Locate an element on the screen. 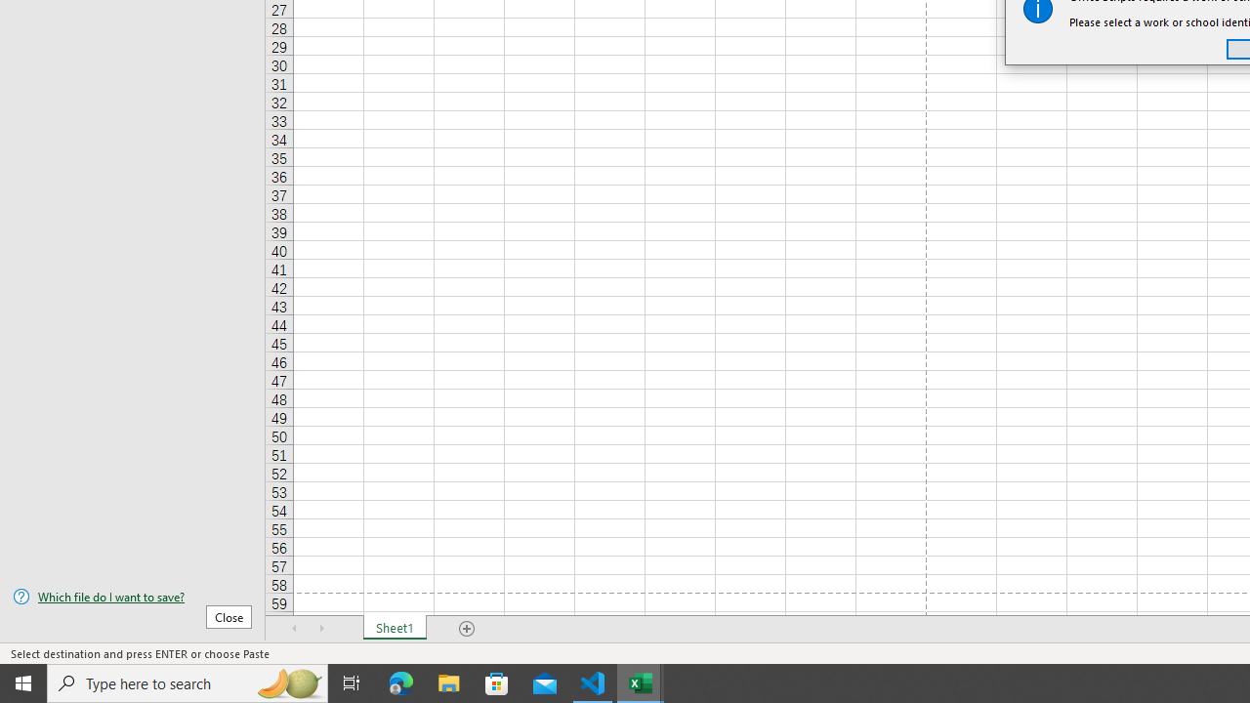 This screenshot has height=703, width=1250. 'Visual Studio Code - 1 running window' is located at coordinates (592, 682).